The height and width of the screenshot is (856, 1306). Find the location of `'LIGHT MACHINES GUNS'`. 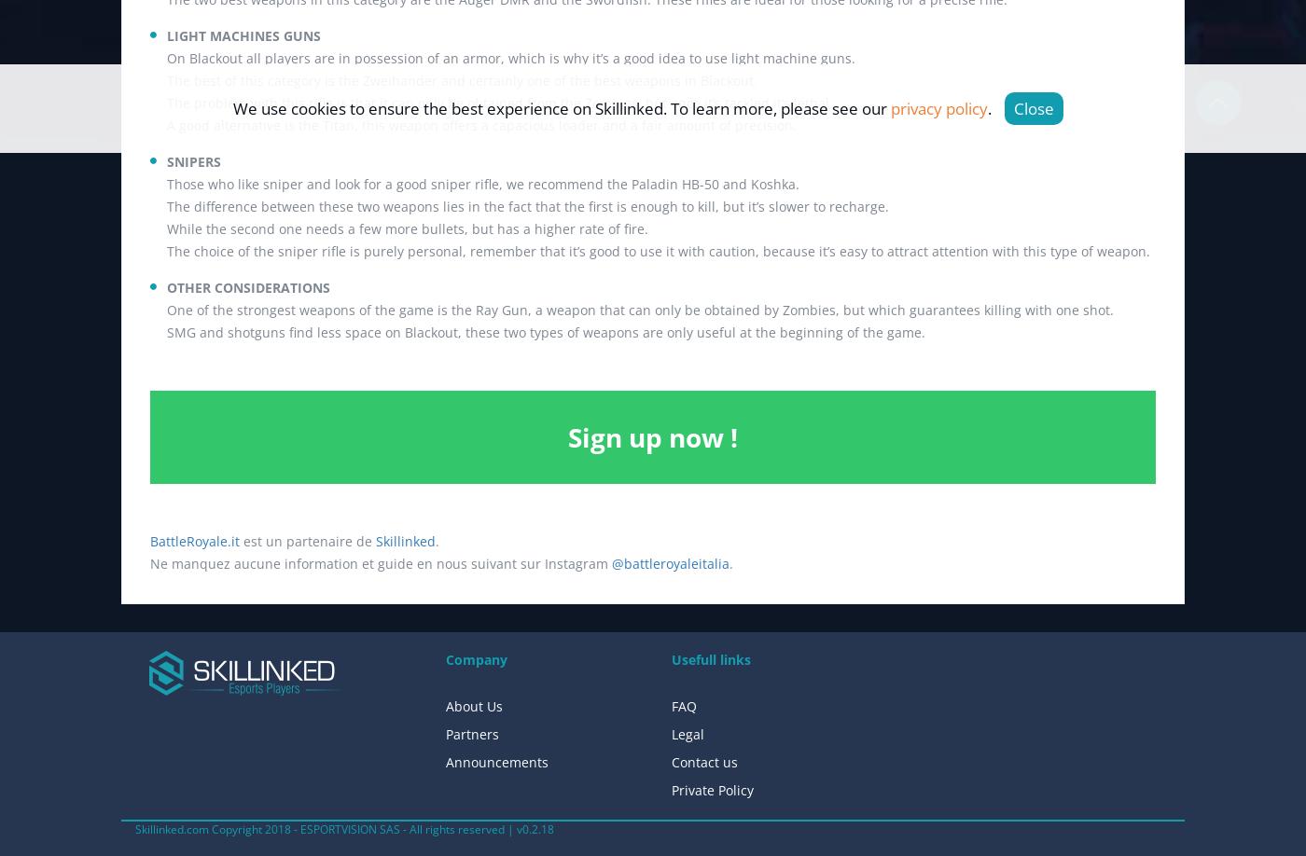

'LIGHT MACHINES GUNS' is located at coordinates (243, 35).